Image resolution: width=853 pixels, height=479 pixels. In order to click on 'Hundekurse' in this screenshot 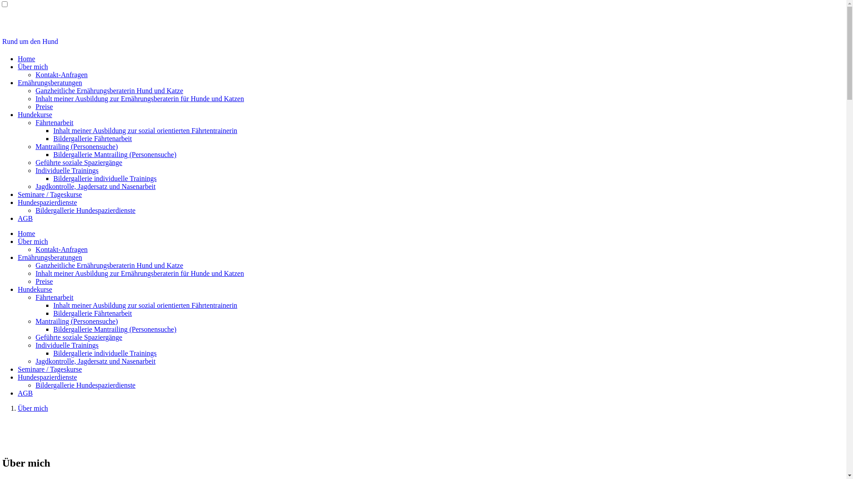, I will do `click(17, 114)`.